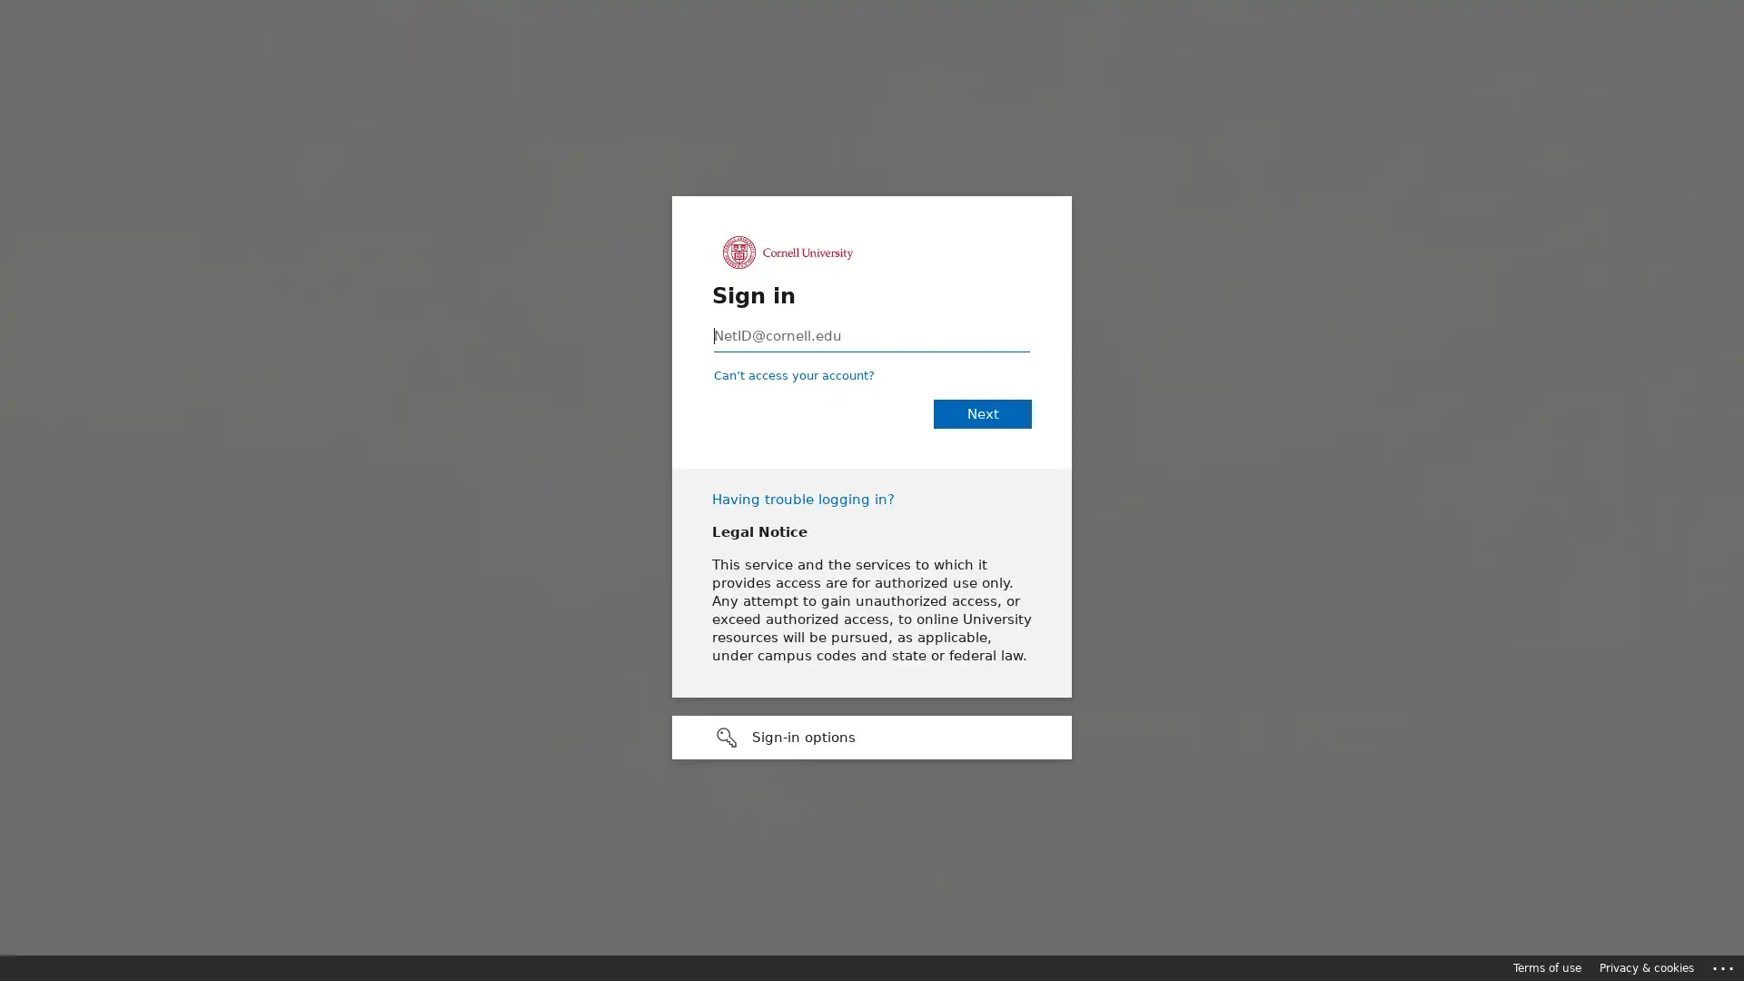 Image resolution: width=1744 pixels, height=981 pixels. What do you see at coordinates (1723, 965) in the screenshot?
I see `Click here for troubleshooting information` at bounding box center [1723, 965].